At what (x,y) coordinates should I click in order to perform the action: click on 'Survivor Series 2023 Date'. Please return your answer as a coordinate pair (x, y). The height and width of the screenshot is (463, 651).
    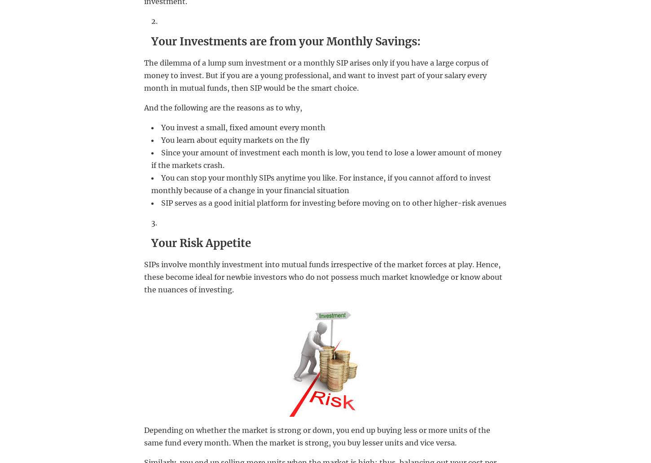
    Looking at the image, I should click on (274, 320).